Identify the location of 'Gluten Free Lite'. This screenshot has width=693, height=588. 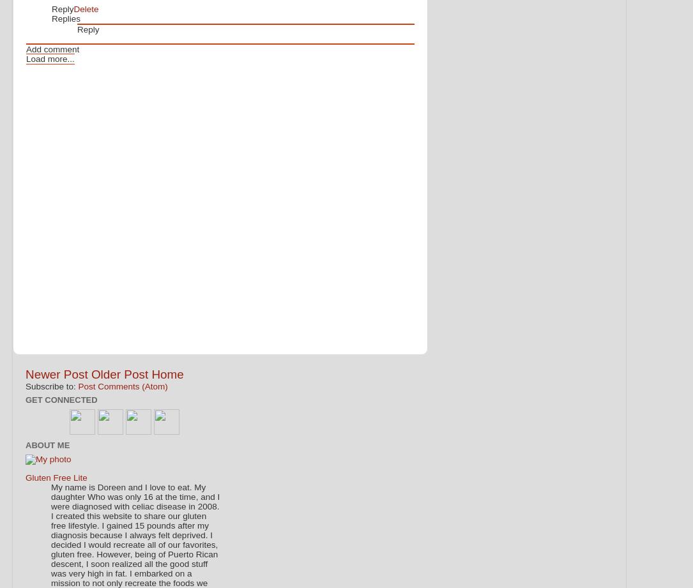
(55, 478).